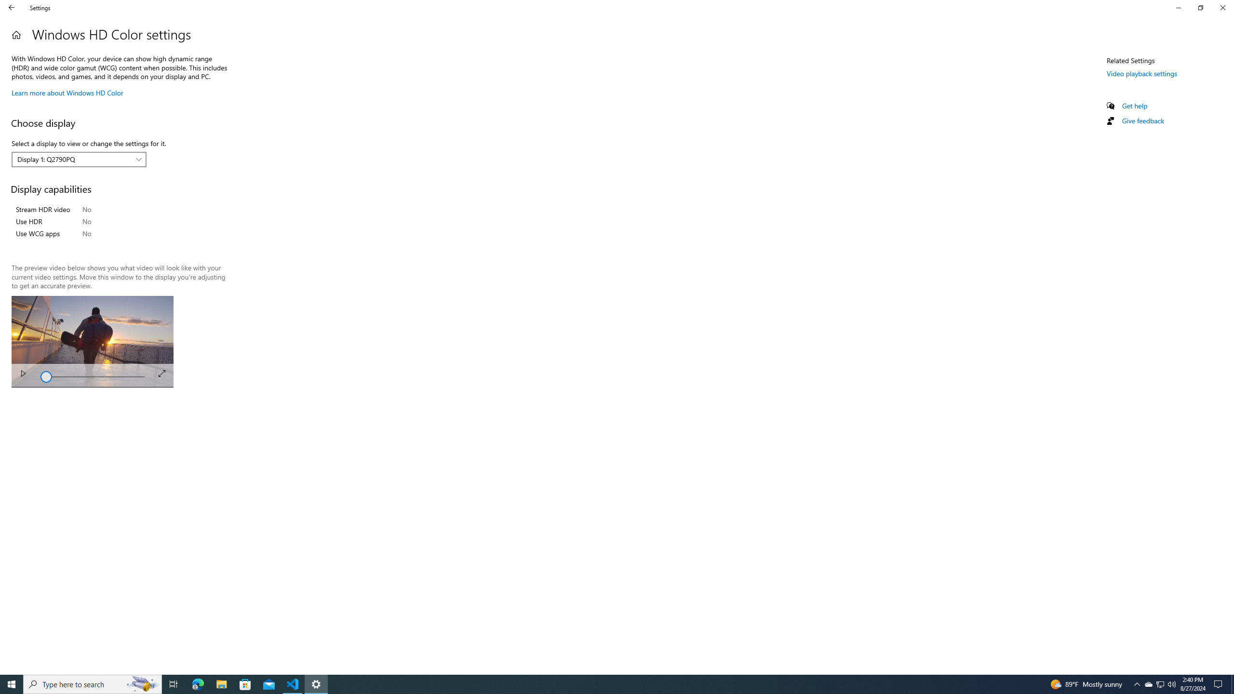 The height and width of the screenshot is (694, 1234). I want to click on 'Give feedback', so click(1142, 120).